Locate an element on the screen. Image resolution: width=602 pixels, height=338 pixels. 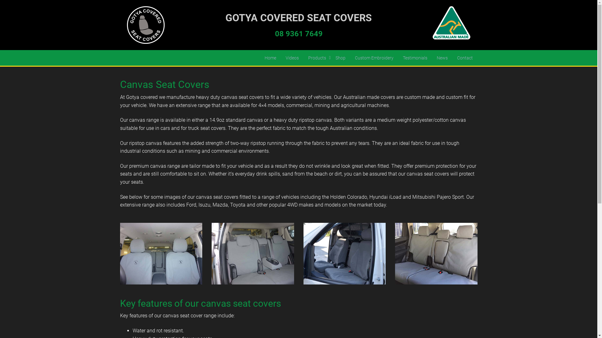
'Testimonials' is located at coordinates (415, 58).